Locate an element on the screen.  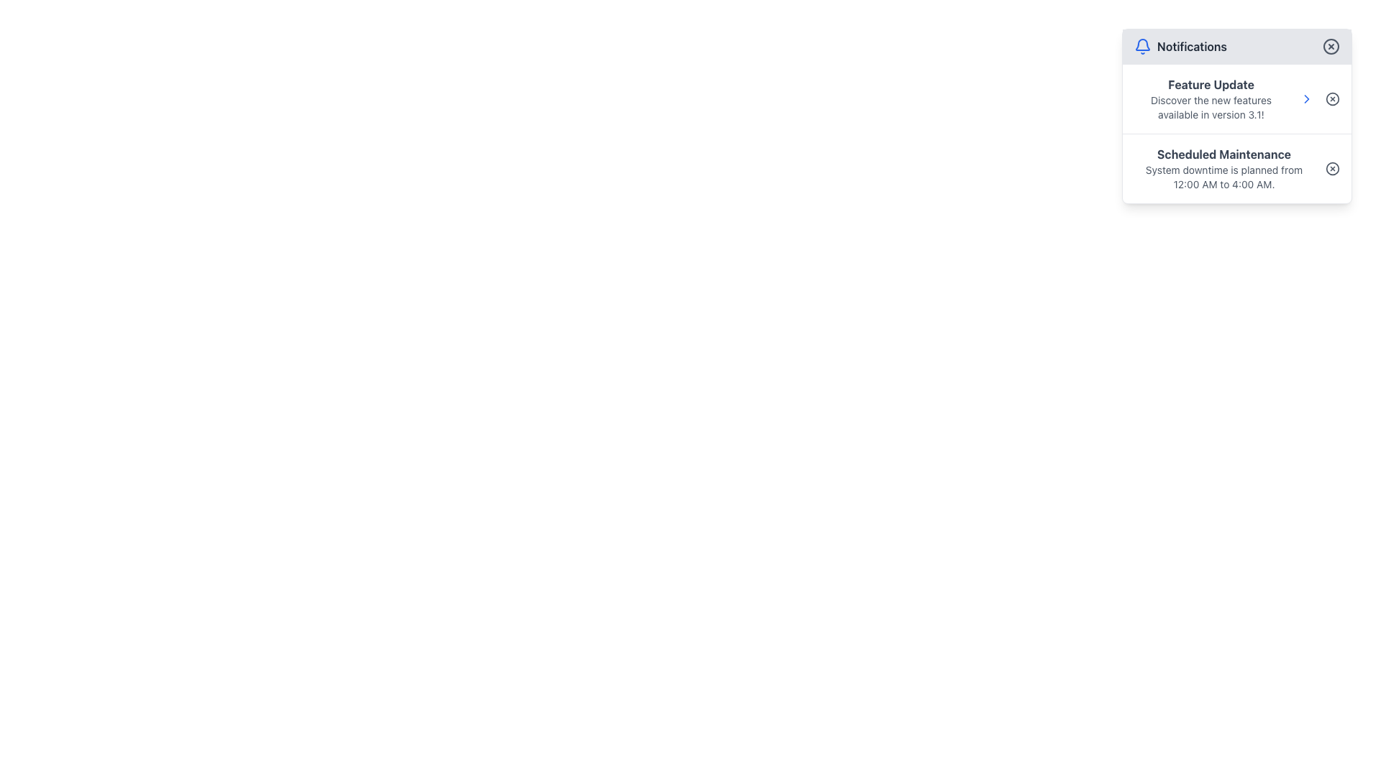
the Notification Item with Interactive Actions that features a bold 'Feature Update' header and a subtitle about version 3.1 is located at coordinates (1236, 98).